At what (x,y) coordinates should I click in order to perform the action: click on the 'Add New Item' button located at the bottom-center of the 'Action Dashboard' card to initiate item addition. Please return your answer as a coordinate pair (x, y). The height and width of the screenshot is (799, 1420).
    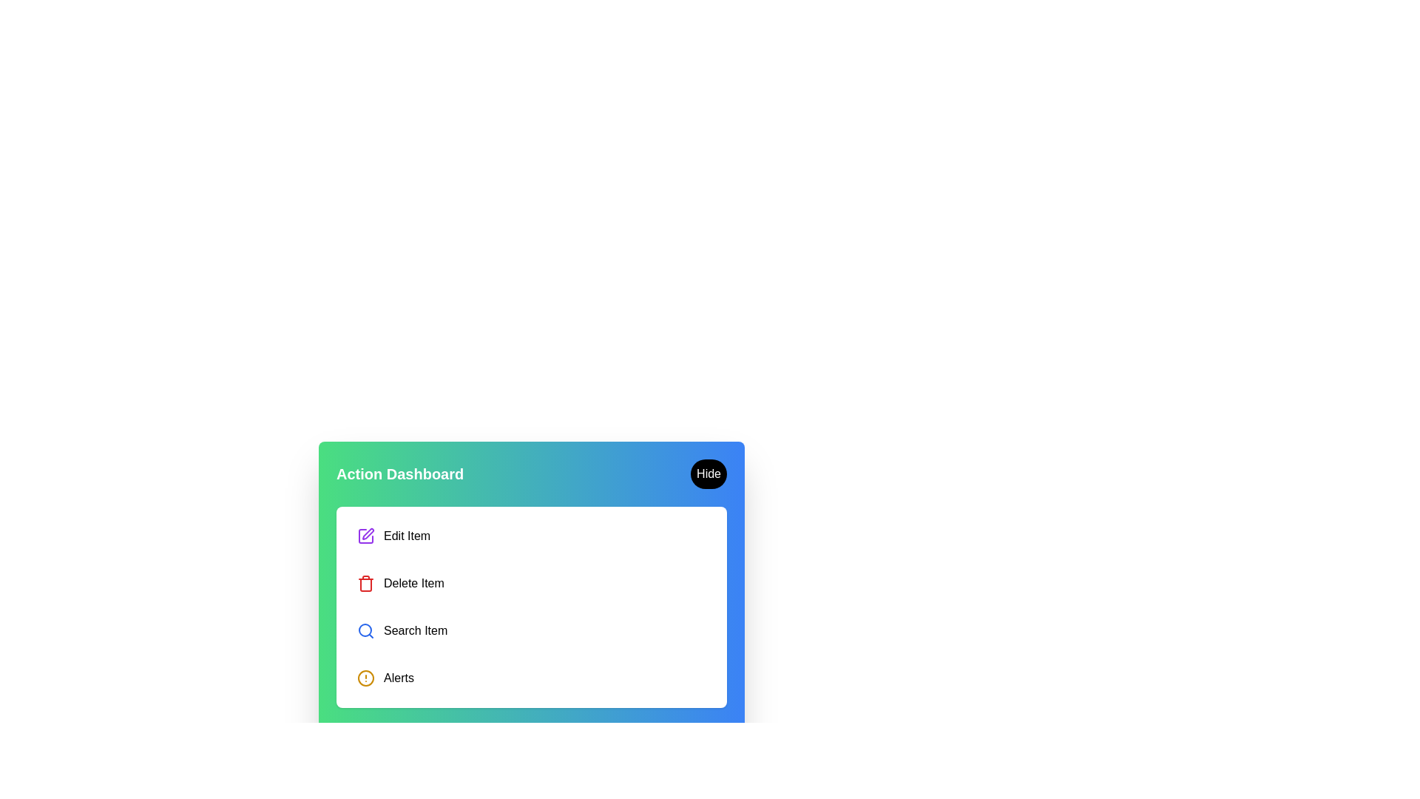
    Looking at the image, I should click on (532, 741).